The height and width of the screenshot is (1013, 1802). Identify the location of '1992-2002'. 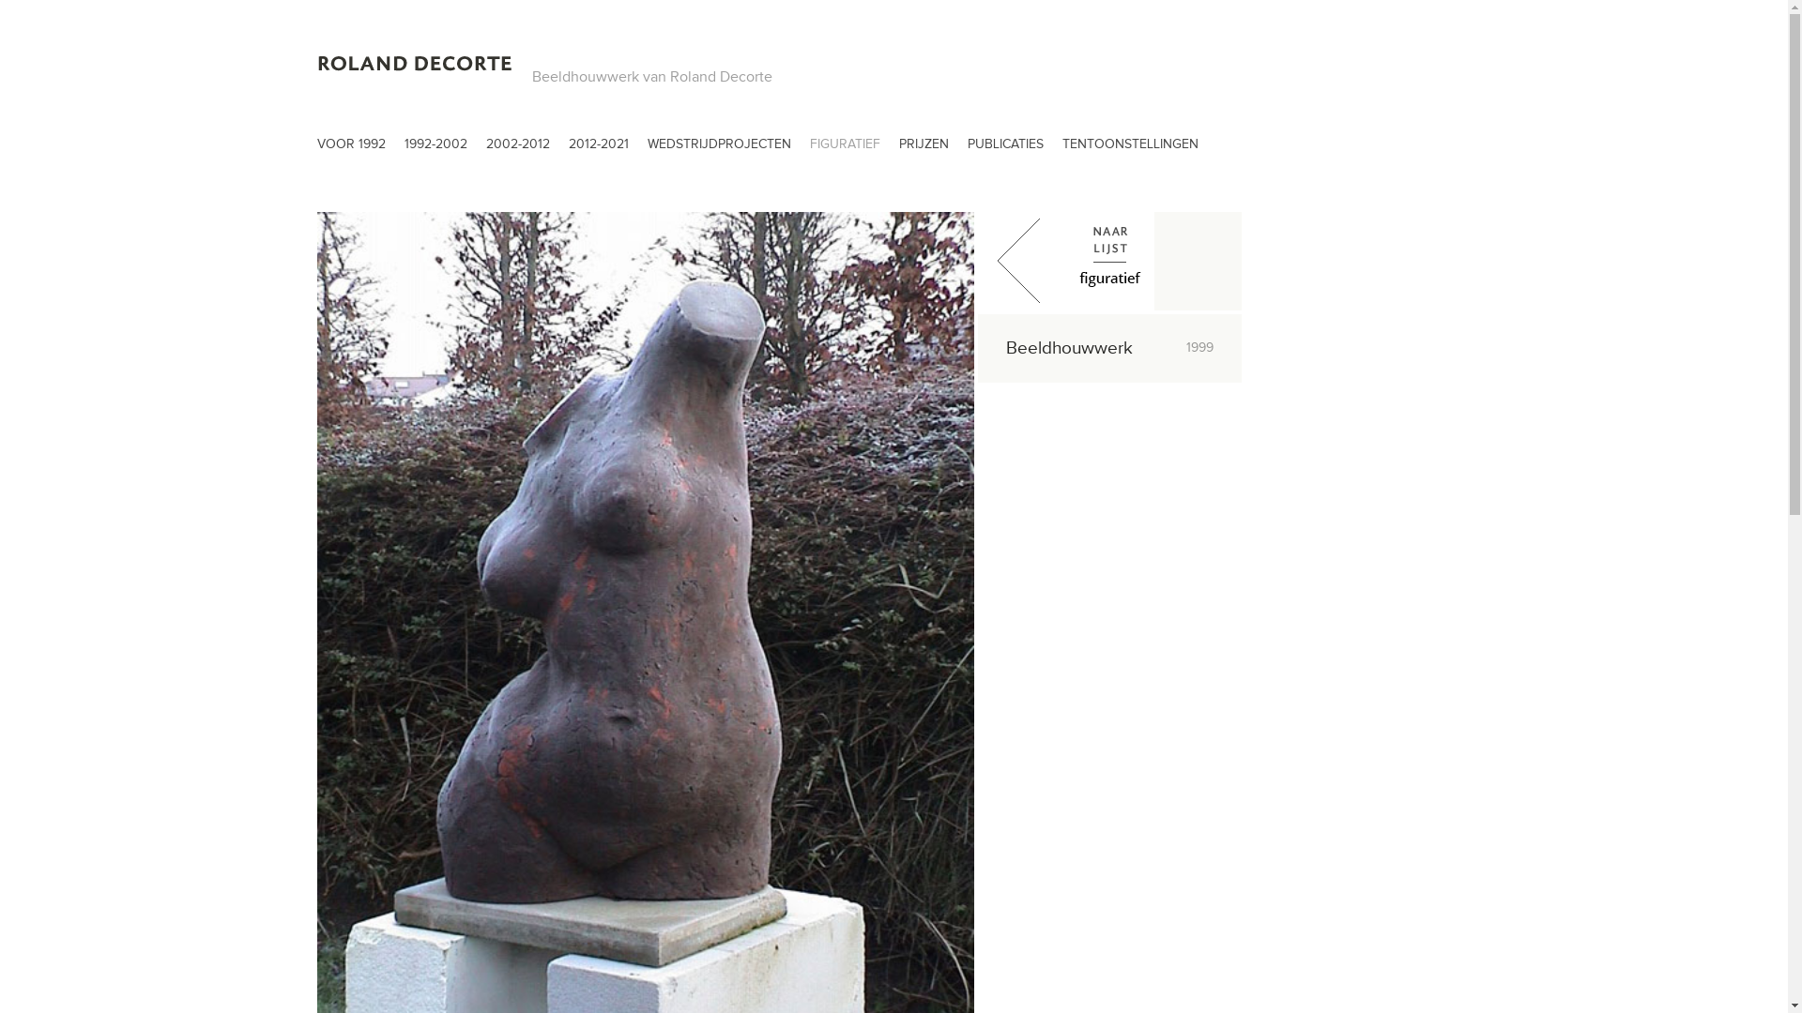
(434, 147).